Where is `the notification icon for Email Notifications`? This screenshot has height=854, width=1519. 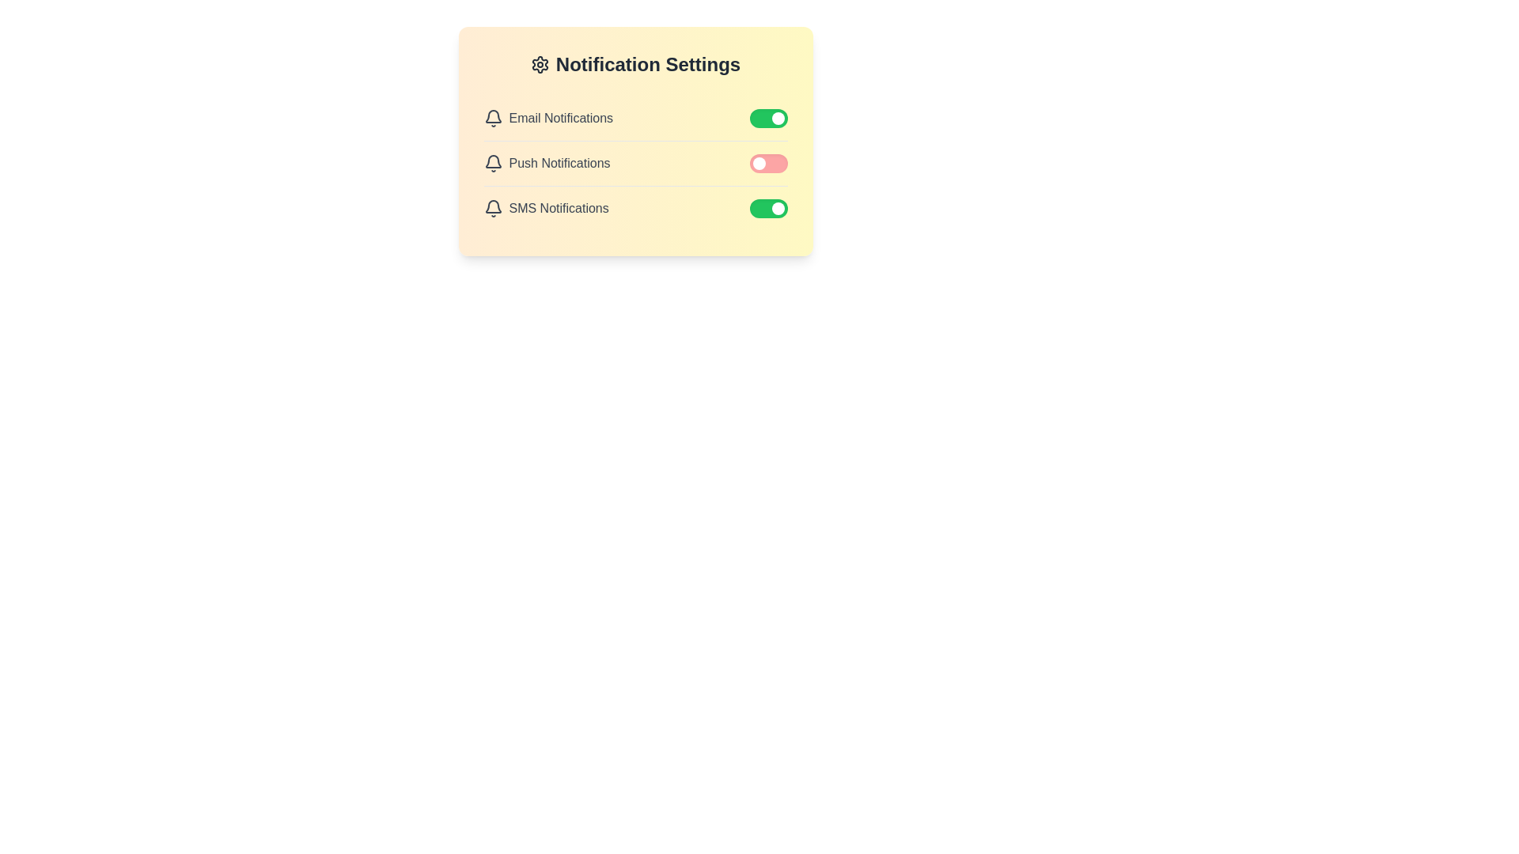
the notification icon for Email Notifications is located at coordinates (492, 118).